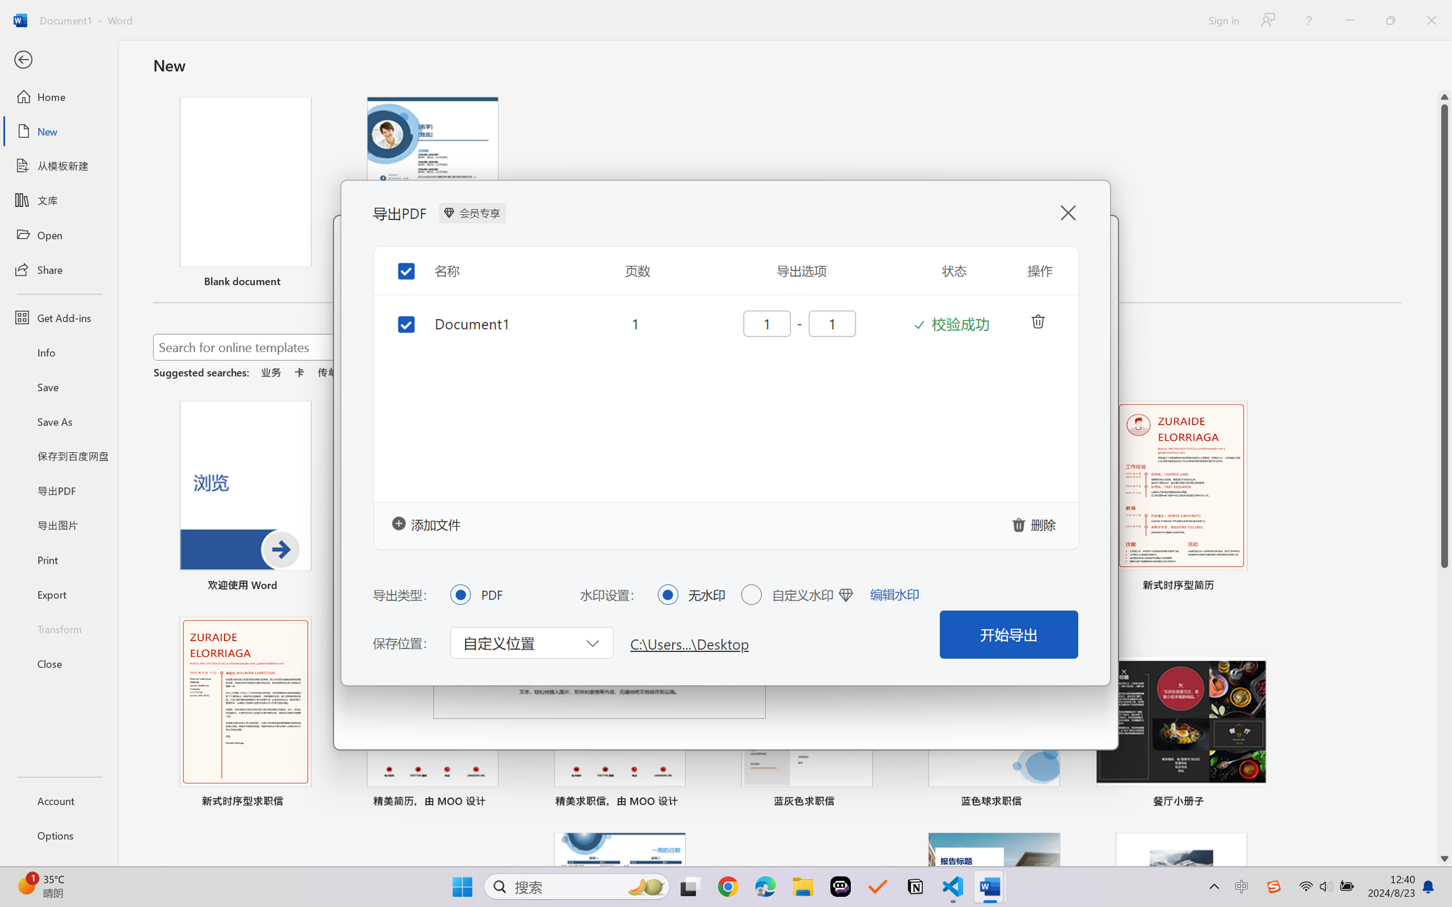 The width and height of the screenshot is (1452, 907). Describe the element at coordinates (58, 800) in the screenshot. I see `'Account'` at that location.